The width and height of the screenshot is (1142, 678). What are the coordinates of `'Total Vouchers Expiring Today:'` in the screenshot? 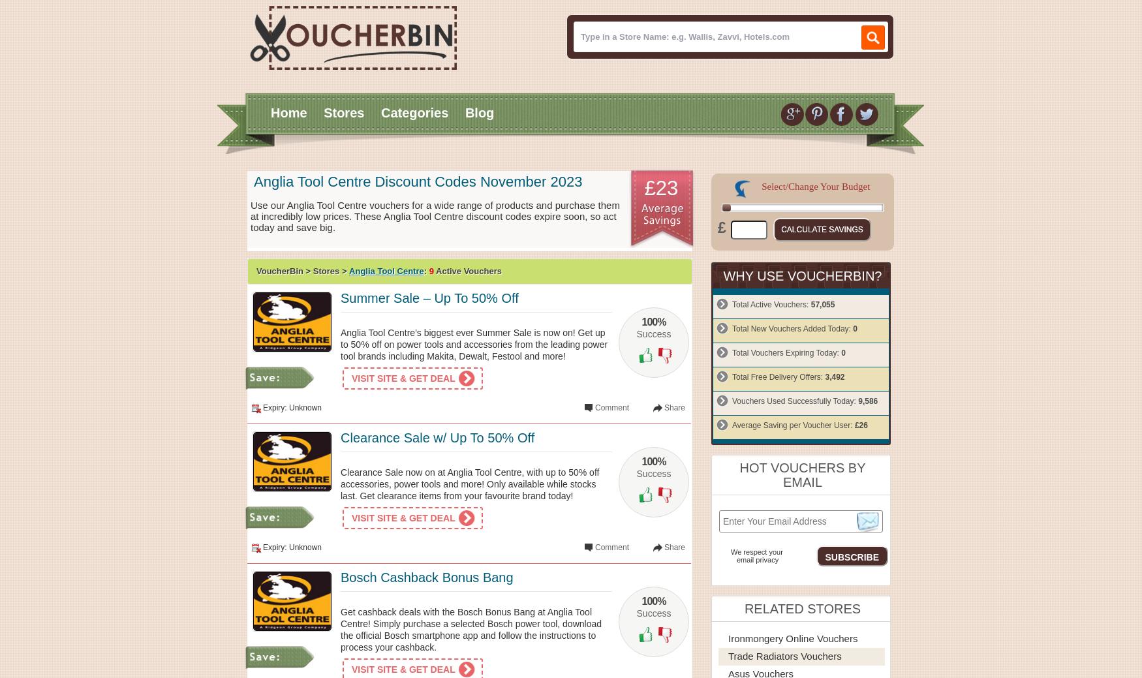 It's located at (786, 353).